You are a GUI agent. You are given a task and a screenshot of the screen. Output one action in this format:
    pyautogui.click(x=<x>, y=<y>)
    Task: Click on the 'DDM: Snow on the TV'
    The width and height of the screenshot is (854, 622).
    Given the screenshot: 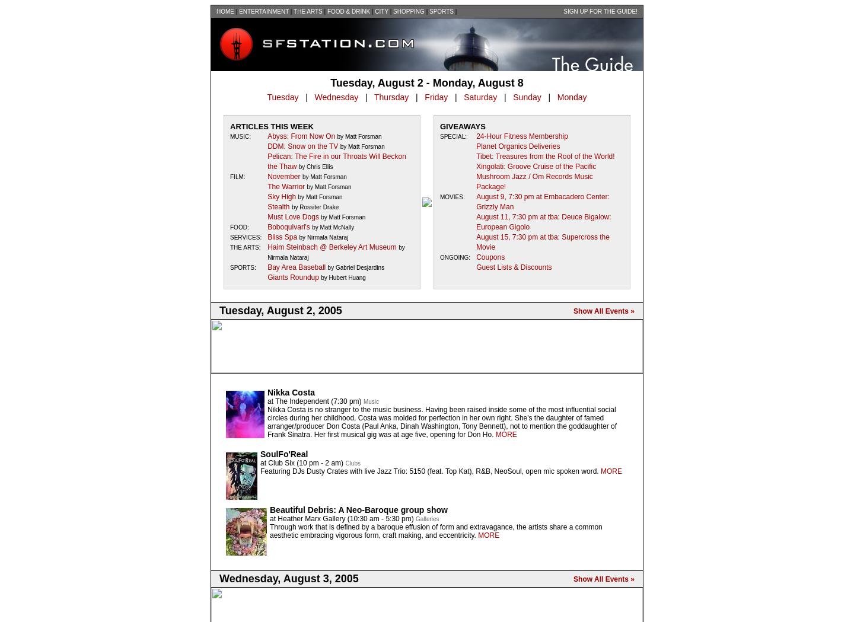 What is the action you would take?
    pyautogui.click(x=302, y=146)
    